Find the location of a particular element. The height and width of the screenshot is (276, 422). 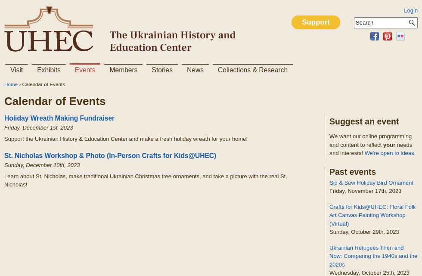

'Home' is located at coordinates (11, 84).